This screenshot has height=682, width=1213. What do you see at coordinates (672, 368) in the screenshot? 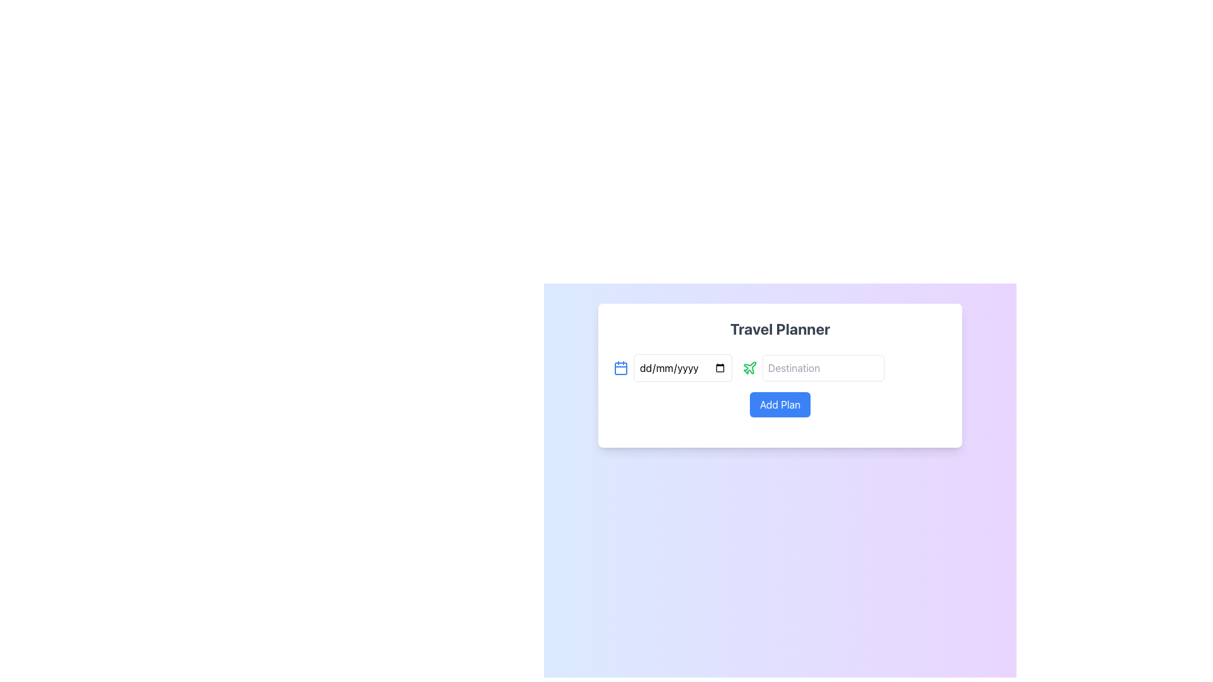
I see `the date picker input field located on the leftmost side of a horizontal group of elements` at bounding box center [672, 368].